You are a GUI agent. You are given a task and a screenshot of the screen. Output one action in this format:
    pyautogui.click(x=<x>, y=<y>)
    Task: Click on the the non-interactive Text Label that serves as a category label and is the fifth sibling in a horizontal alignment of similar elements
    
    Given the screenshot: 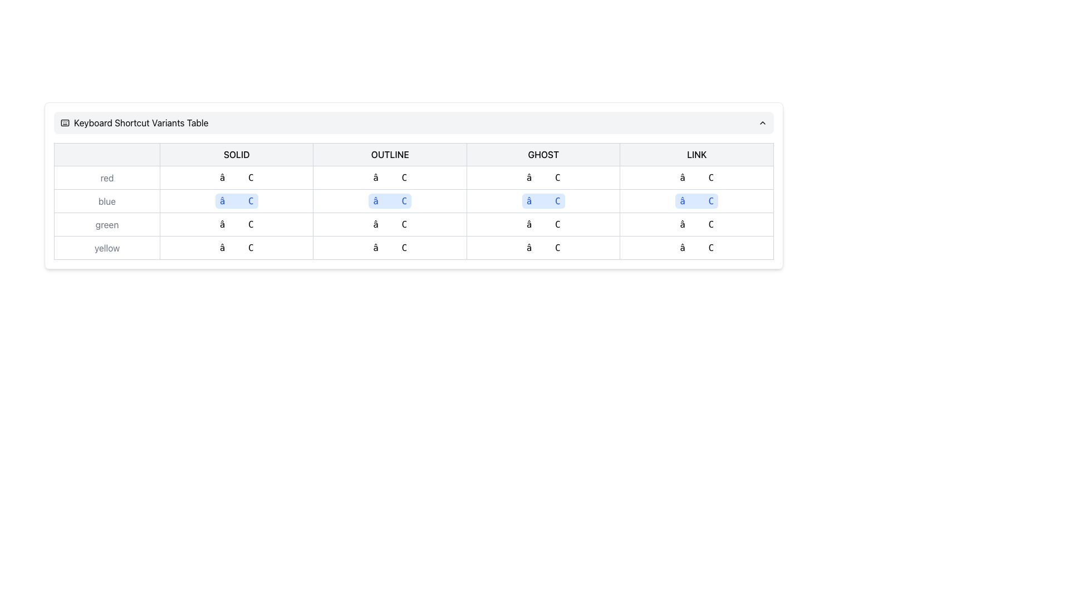 What is the action you would take?
    pyautogui.click(x=696, y=154)
    